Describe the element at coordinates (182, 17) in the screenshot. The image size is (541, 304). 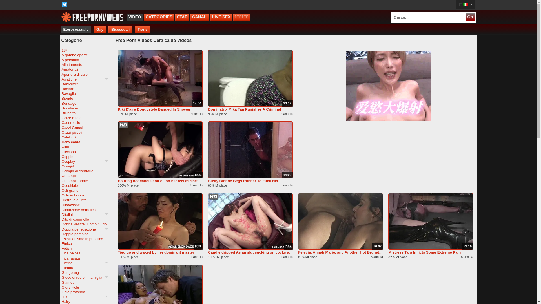
I see `'STAR'` at that location.